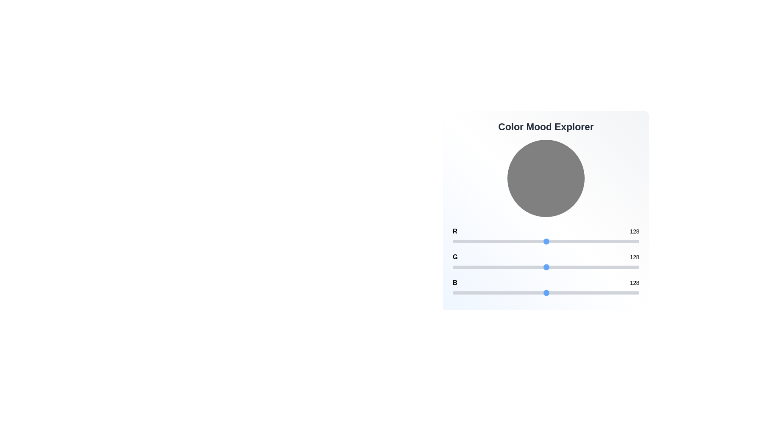  Describe the element at coordinates (535, 241) in the screenshot. I see `the 0 slider to set its value to 113` at that location.